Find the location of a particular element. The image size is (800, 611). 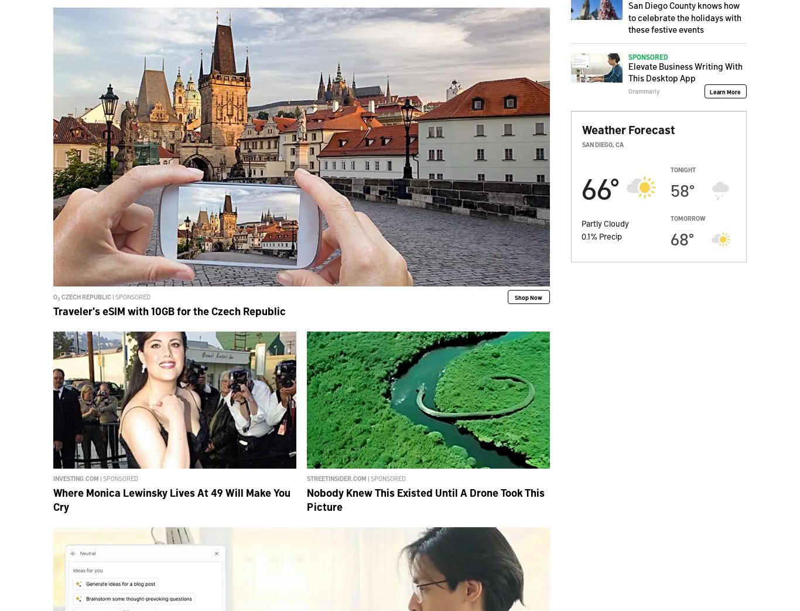

'Tonight' is located at coordinates (683, 169).